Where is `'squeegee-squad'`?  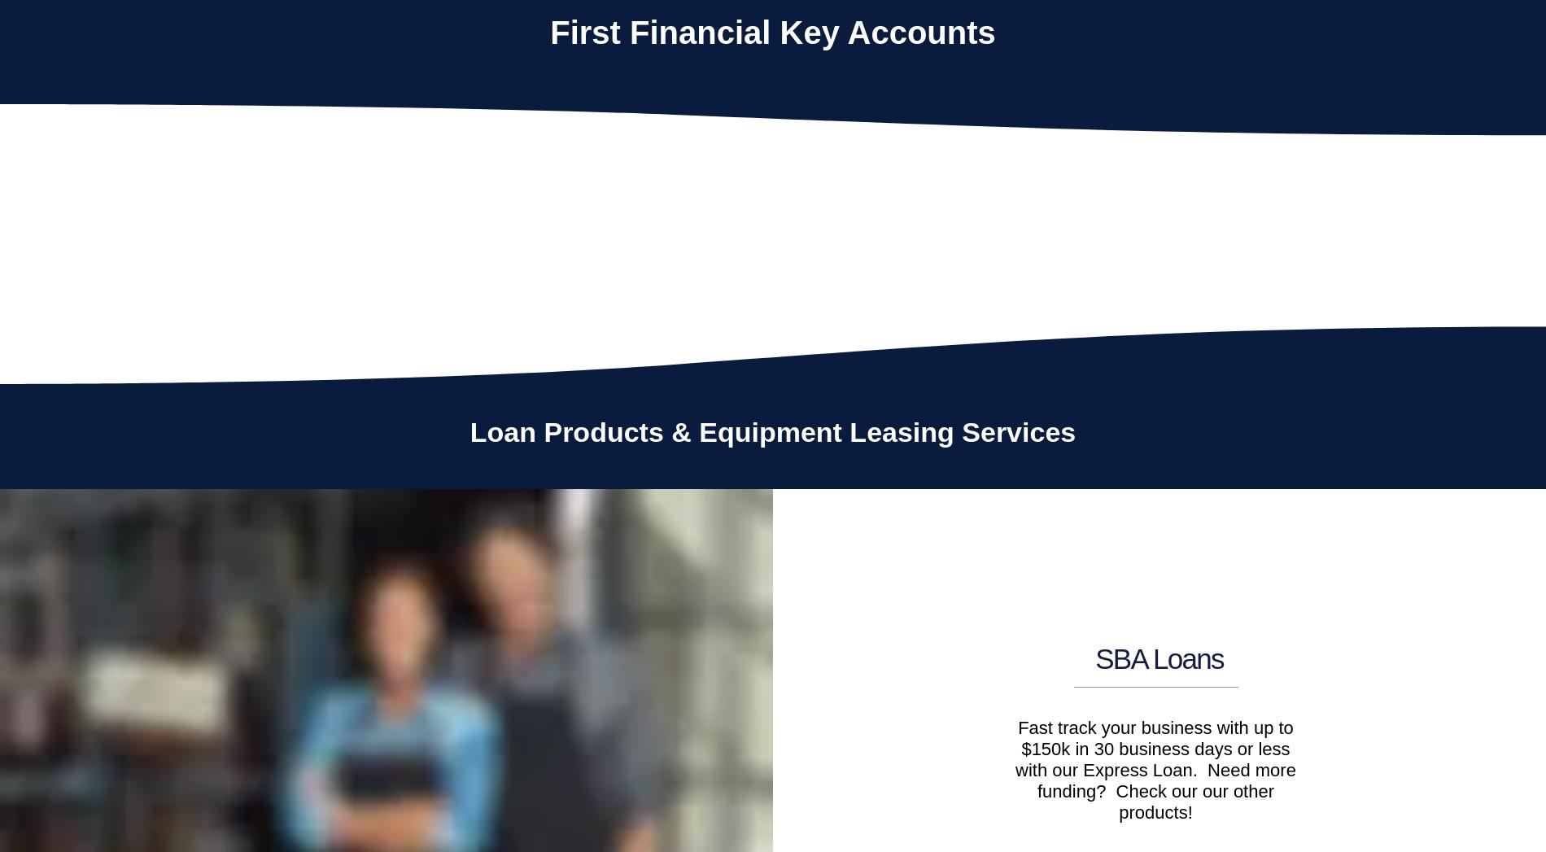 'squeegee-squad' is located at coordinates (1260, 248).